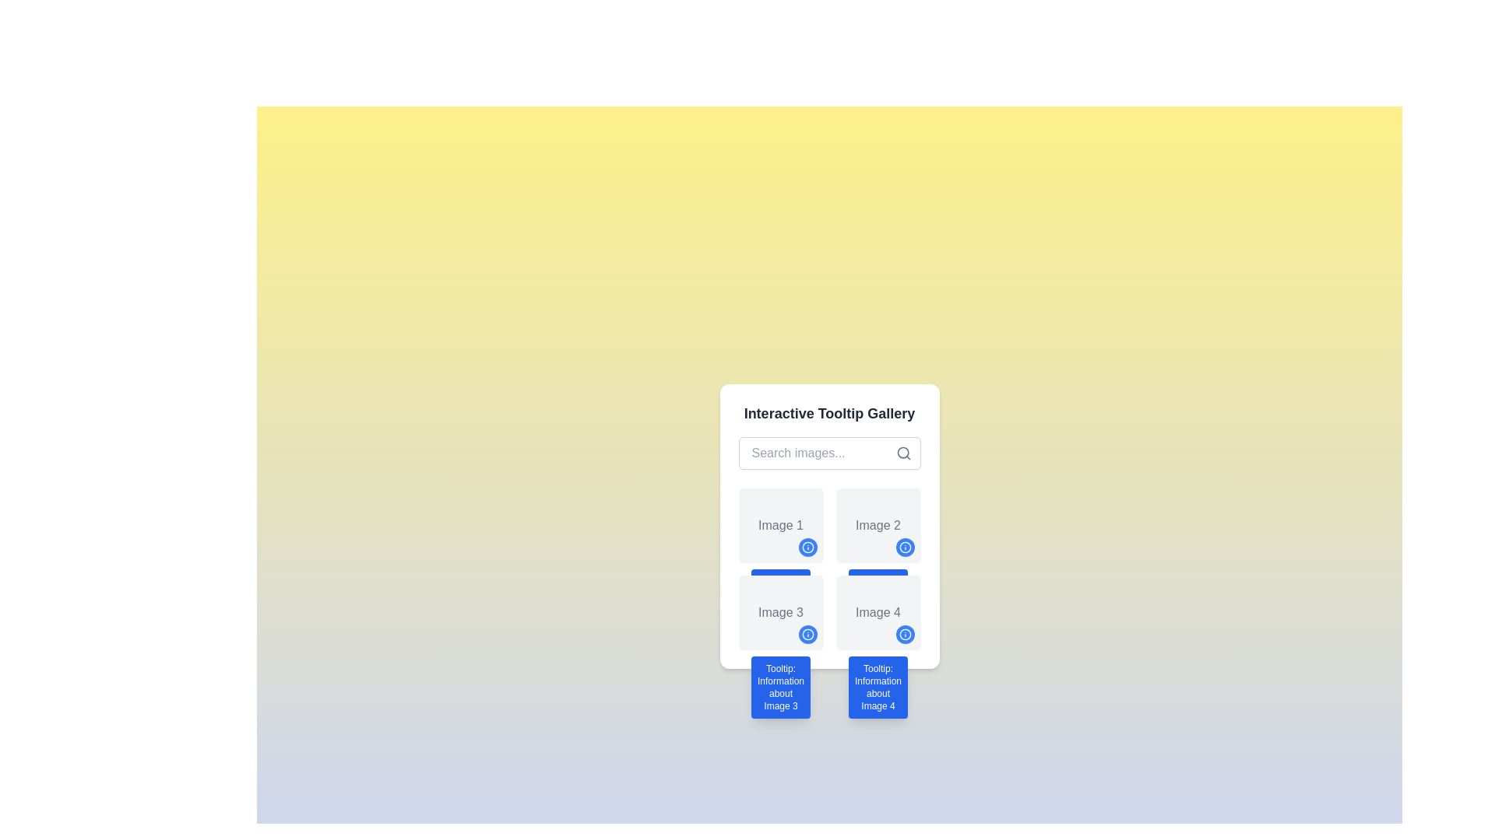 The image size is (1495, 840). I want to click on the primary SVG circle element that serves as part of an interactive icon, located centrally among overlapping shapes, so click(807, 635).